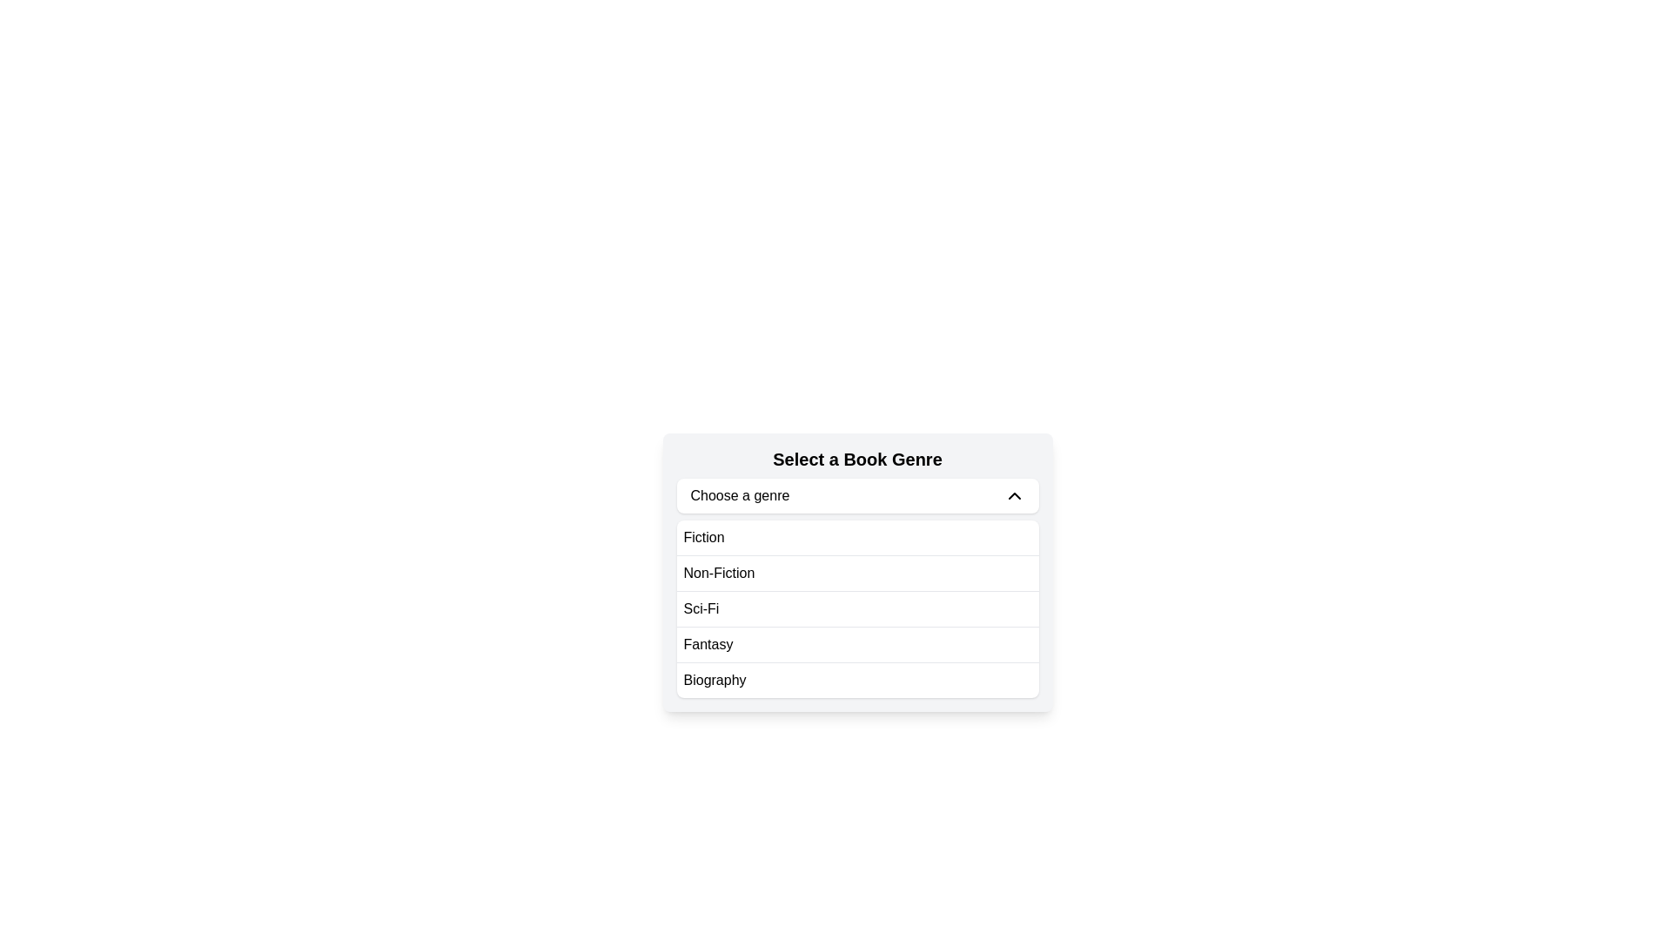 Image resolution: width=1671 pixels, height=940 pixels. What do you see at coordinates (1014, 496) in the screenshot?
I see `the upward chevron icon used for collapsing the dropdown menu, positioned to the right of the 'Choose a genre' text` at bounding box center [1014, 496].